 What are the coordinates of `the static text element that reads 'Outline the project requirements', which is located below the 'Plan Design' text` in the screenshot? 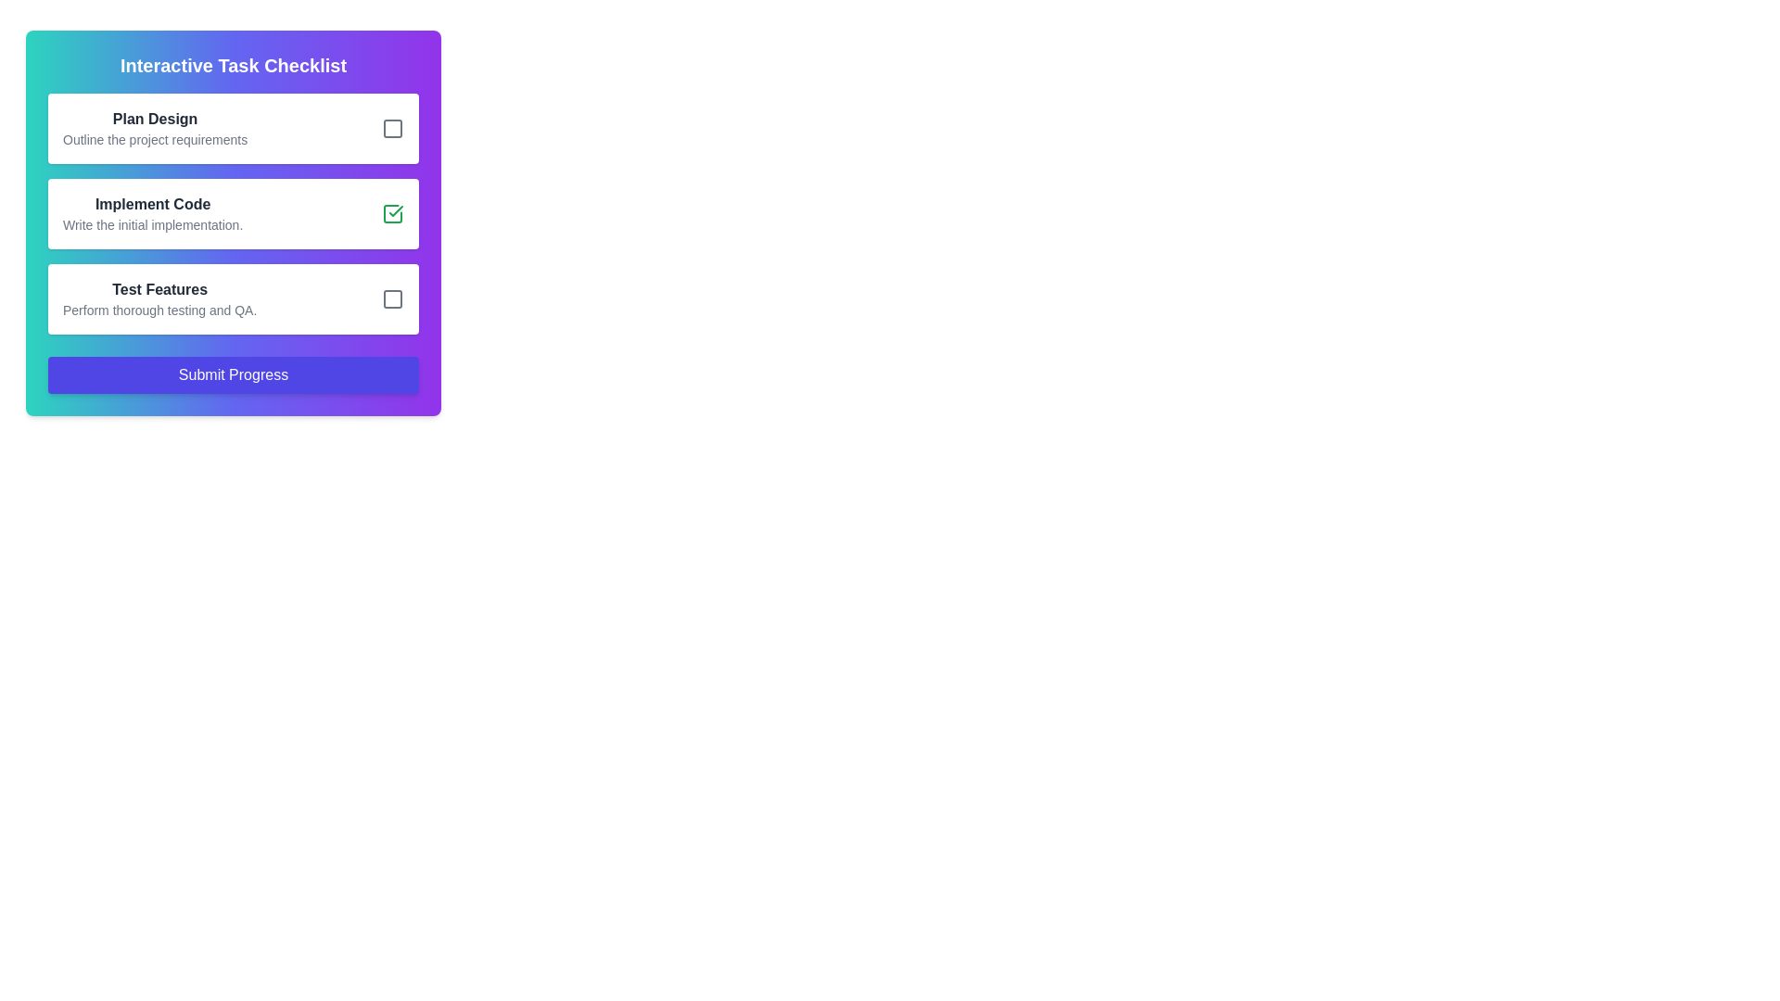 It's located at (155, 138).